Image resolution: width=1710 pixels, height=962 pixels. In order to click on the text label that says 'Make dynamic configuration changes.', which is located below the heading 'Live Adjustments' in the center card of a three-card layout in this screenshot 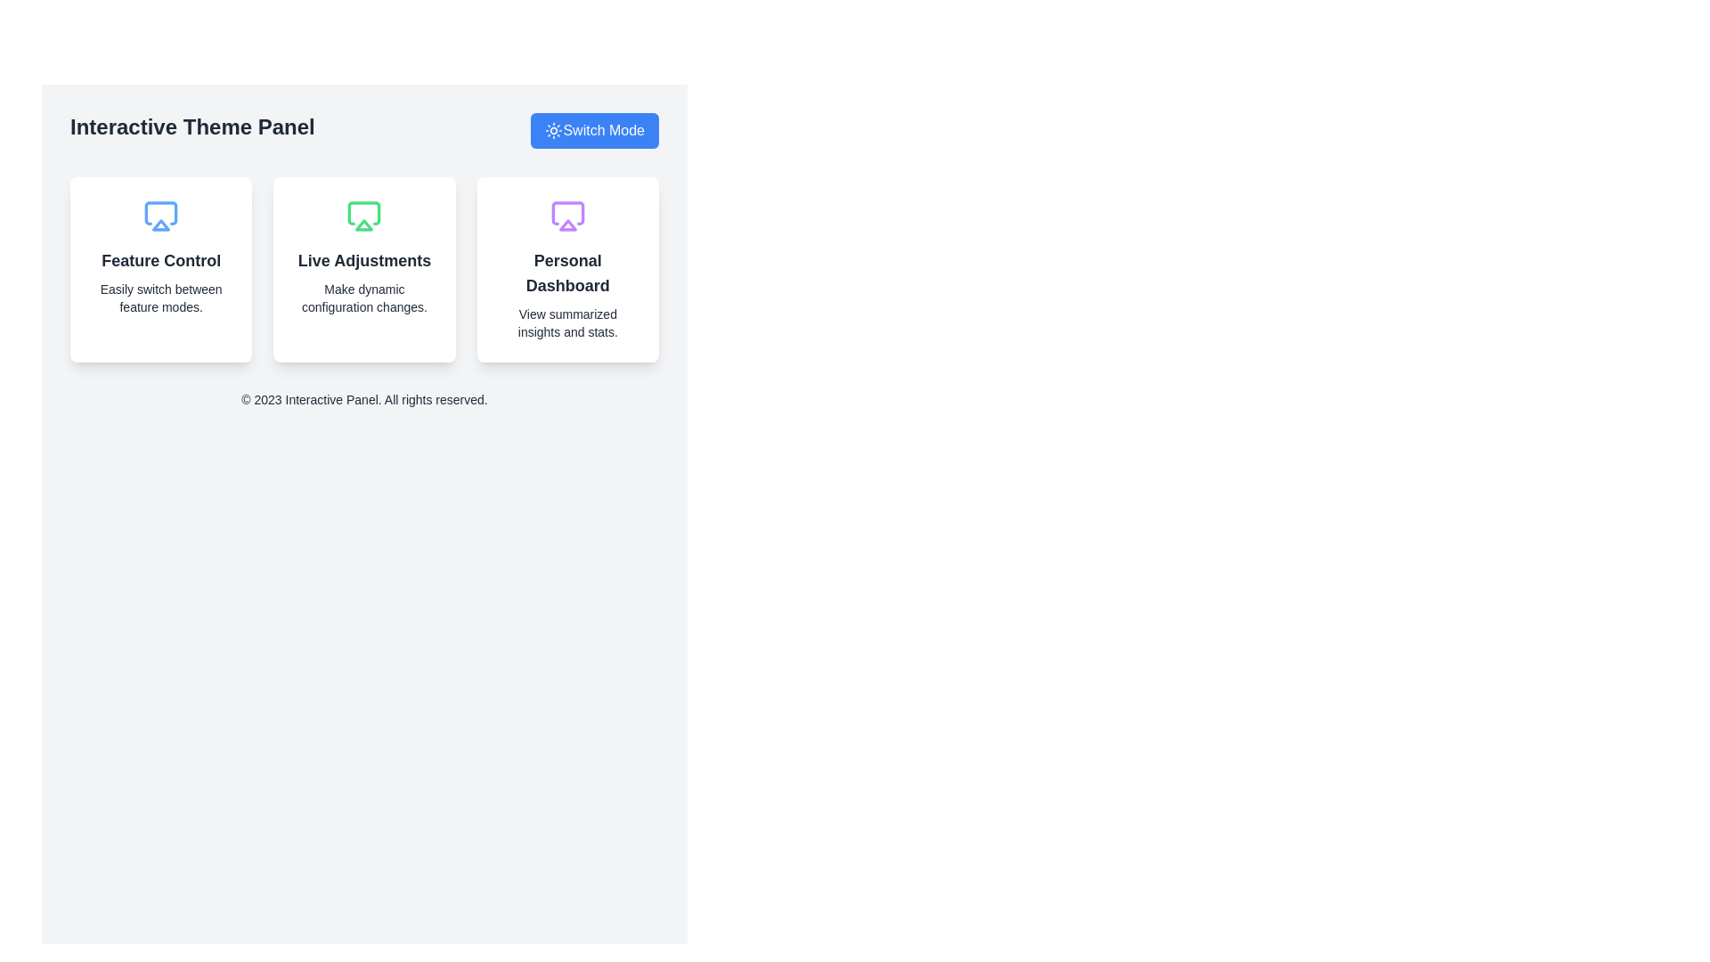, I will do `click(363, 298)`.